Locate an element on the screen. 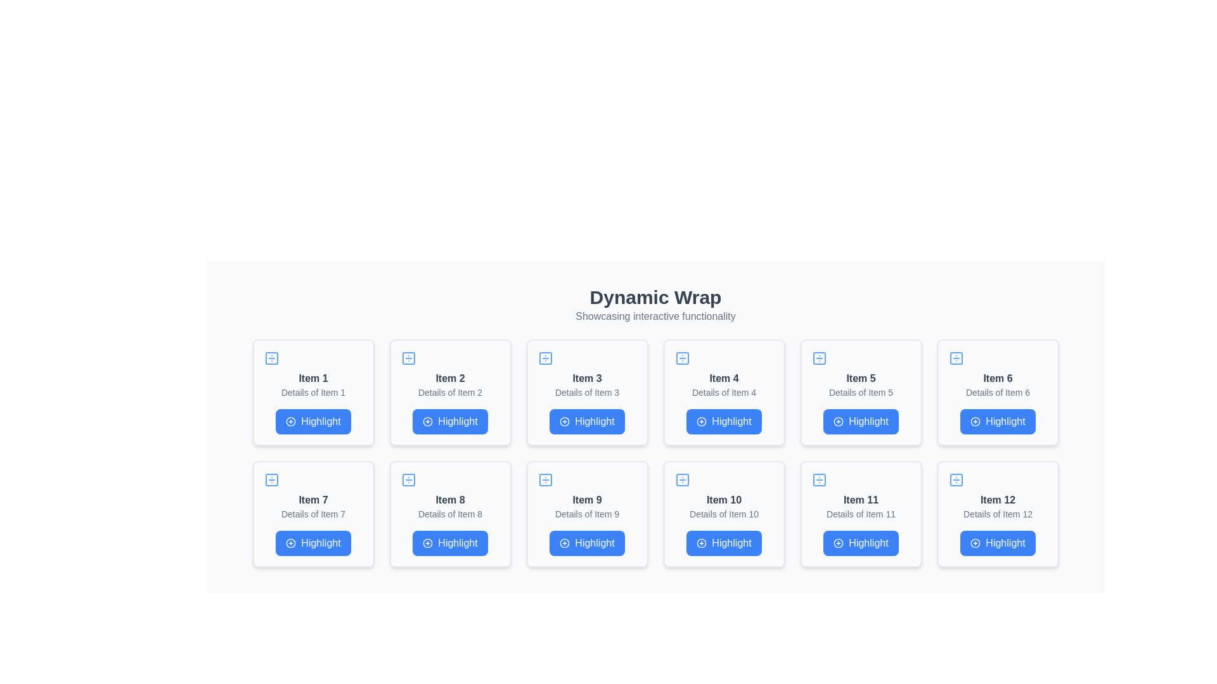  the text label that reads 'Item 8', which is in bold, dark gray color, located within a card-like component in the grid layout is located at coordinates (450, 500).